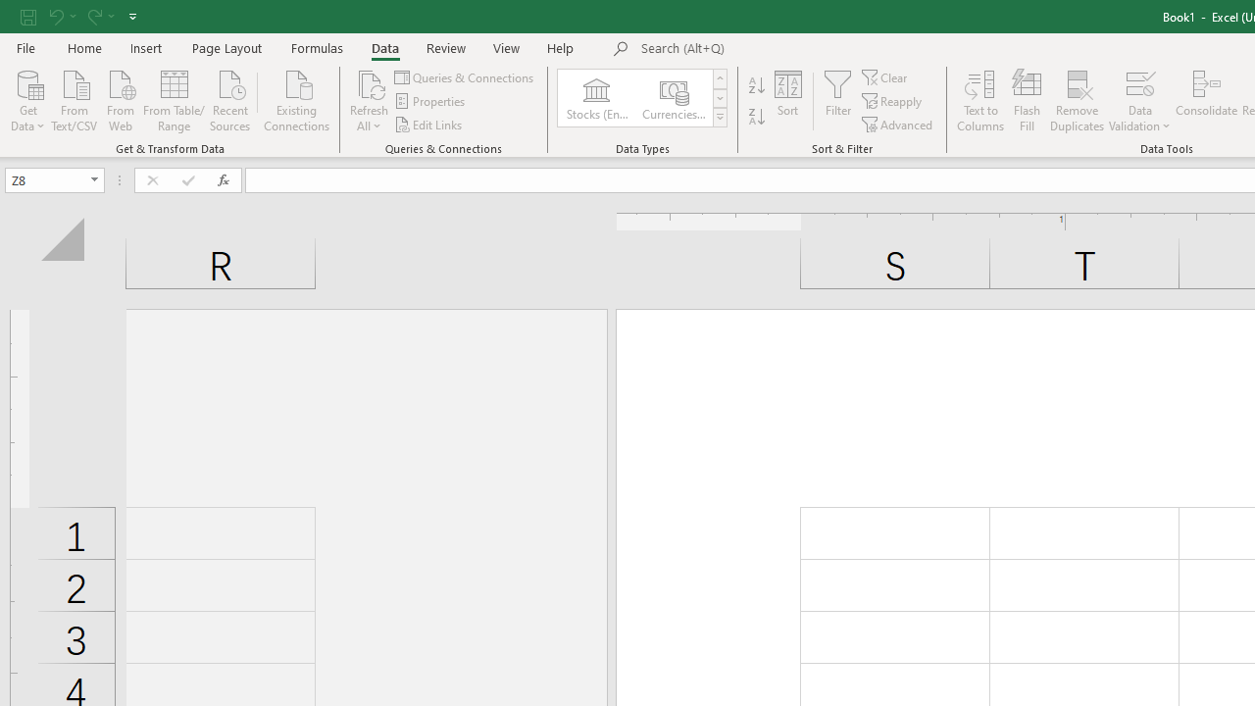 This screenshot has height=706, width=1255. I want to click on 'Existing Connections', so click(296, 99).